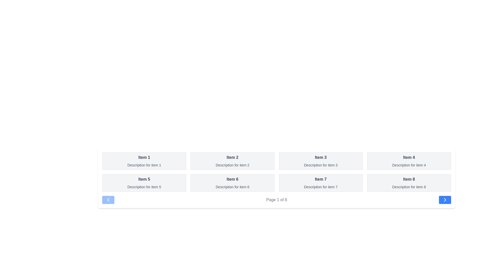  What do you see at coordinates (321, 183) in the screenshot?
I see `the Information card displaying 'Item 7' and its description, located in the third column of the second row in the grid layout` at bounding box center [321, 183].